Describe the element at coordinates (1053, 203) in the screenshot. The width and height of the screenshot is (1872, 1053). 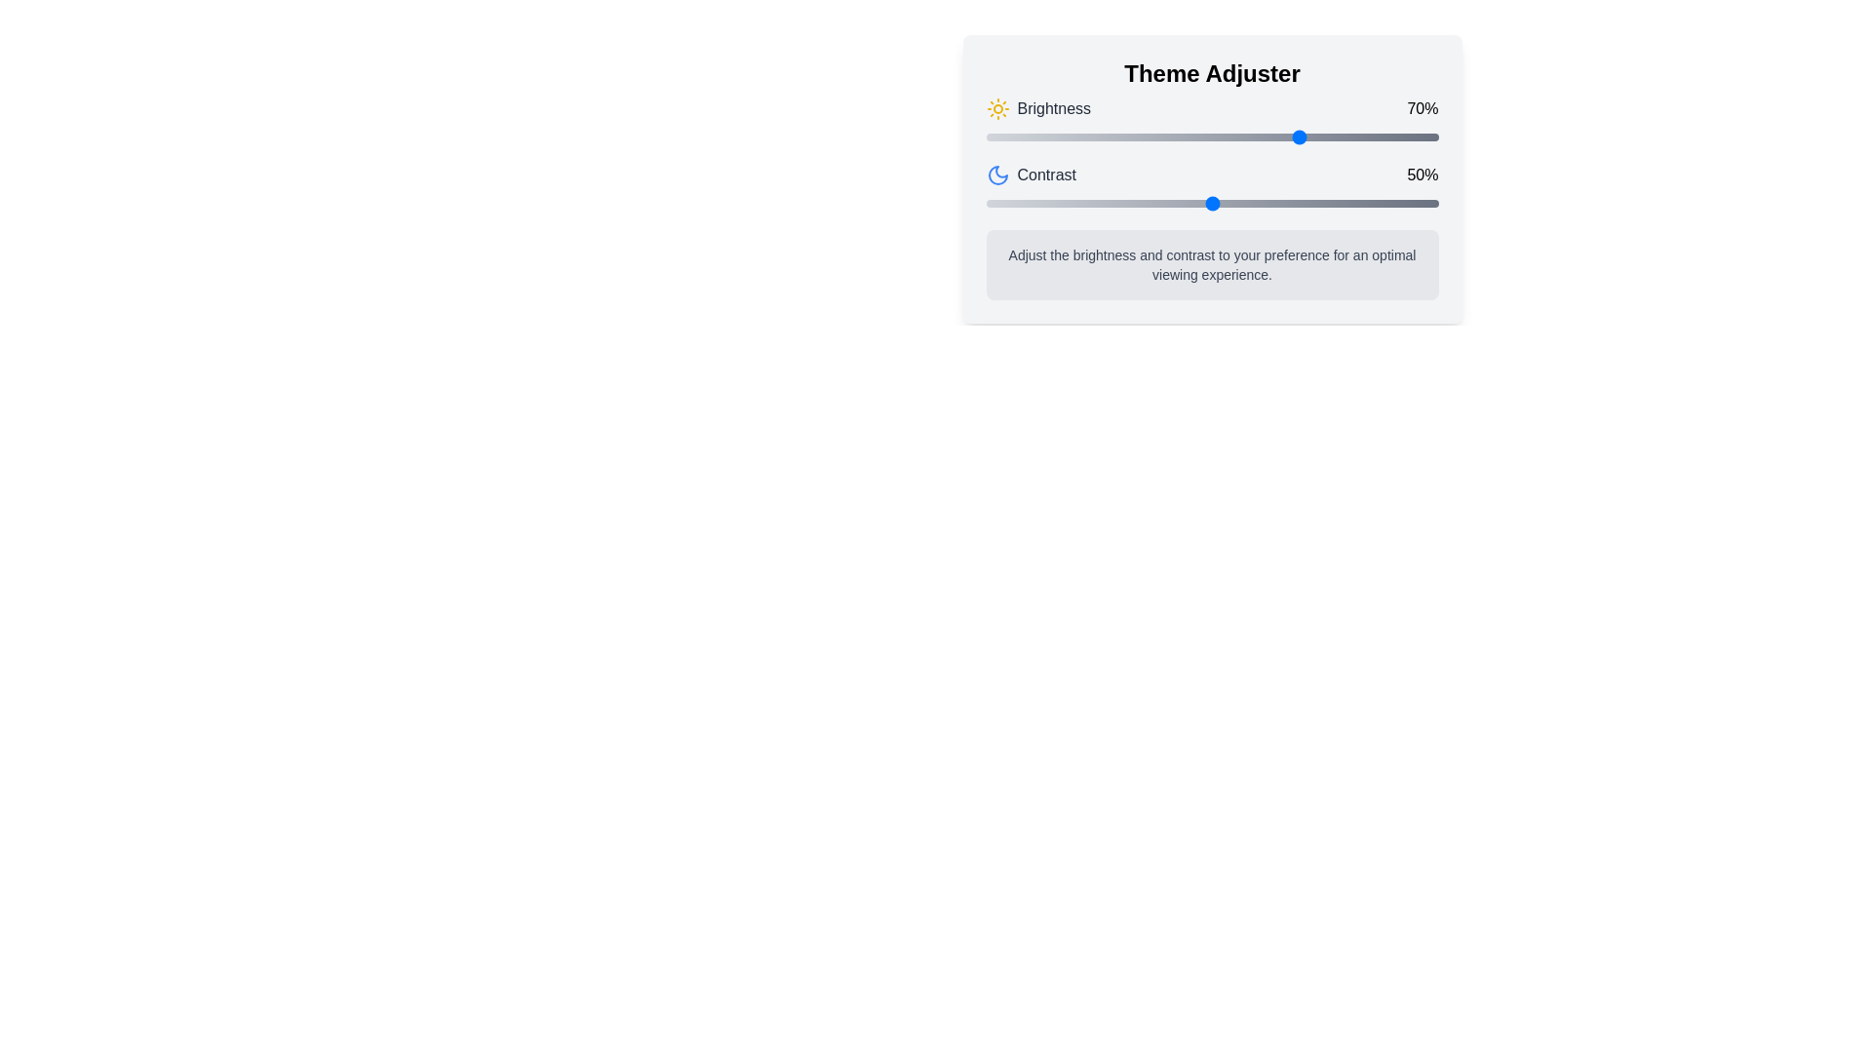
I see `the contrast level` at that location.